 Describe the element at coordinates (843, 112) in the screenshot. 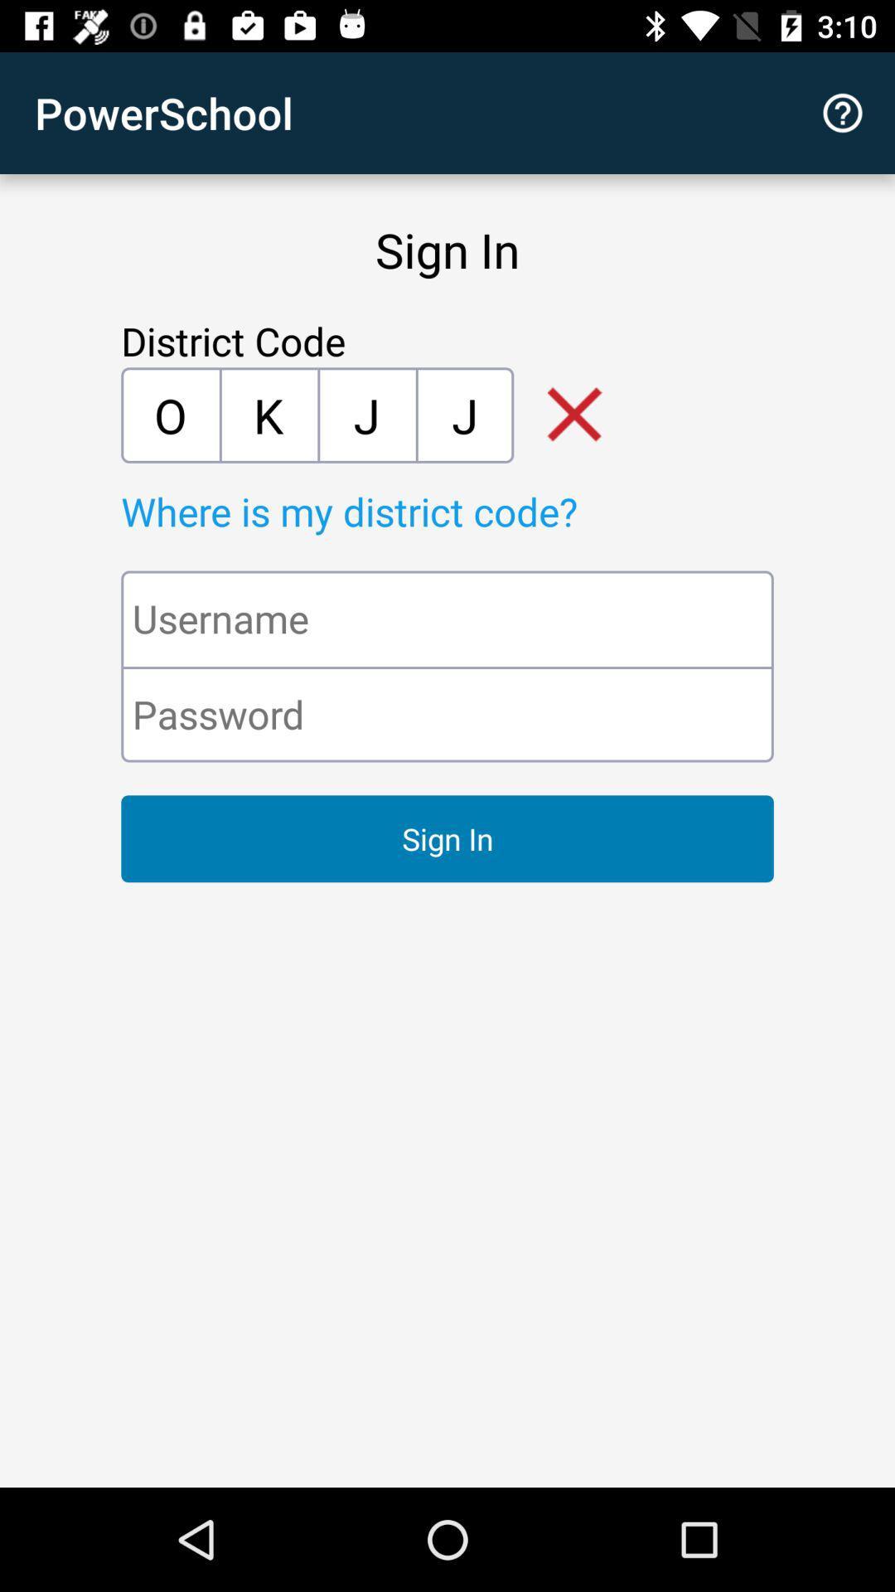

I see `icon above sign in item` at that location.